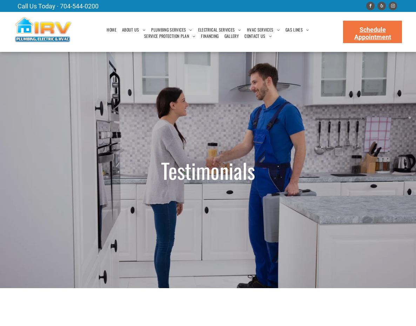 Image resolution: width=416 pixels, height=326 pixels. What do you see at coordinates (166, 55) in the screenshot?
I see `'WATER HEATER'` at bounding box center [166, 55].